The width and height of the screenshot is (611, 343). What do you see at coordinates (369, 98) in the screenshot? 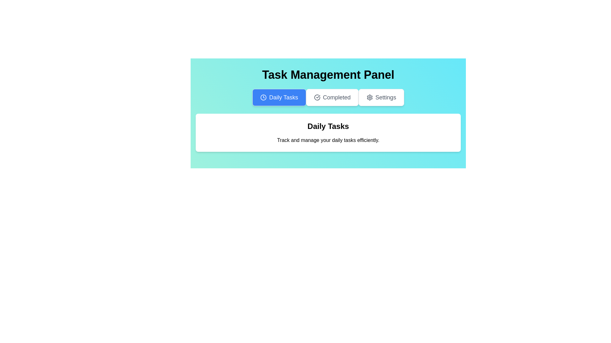
I see `the gear icon representing 'Settings' located in the third button from the left in the button group at the top-right section of the page` at bounding box center [369, 98].